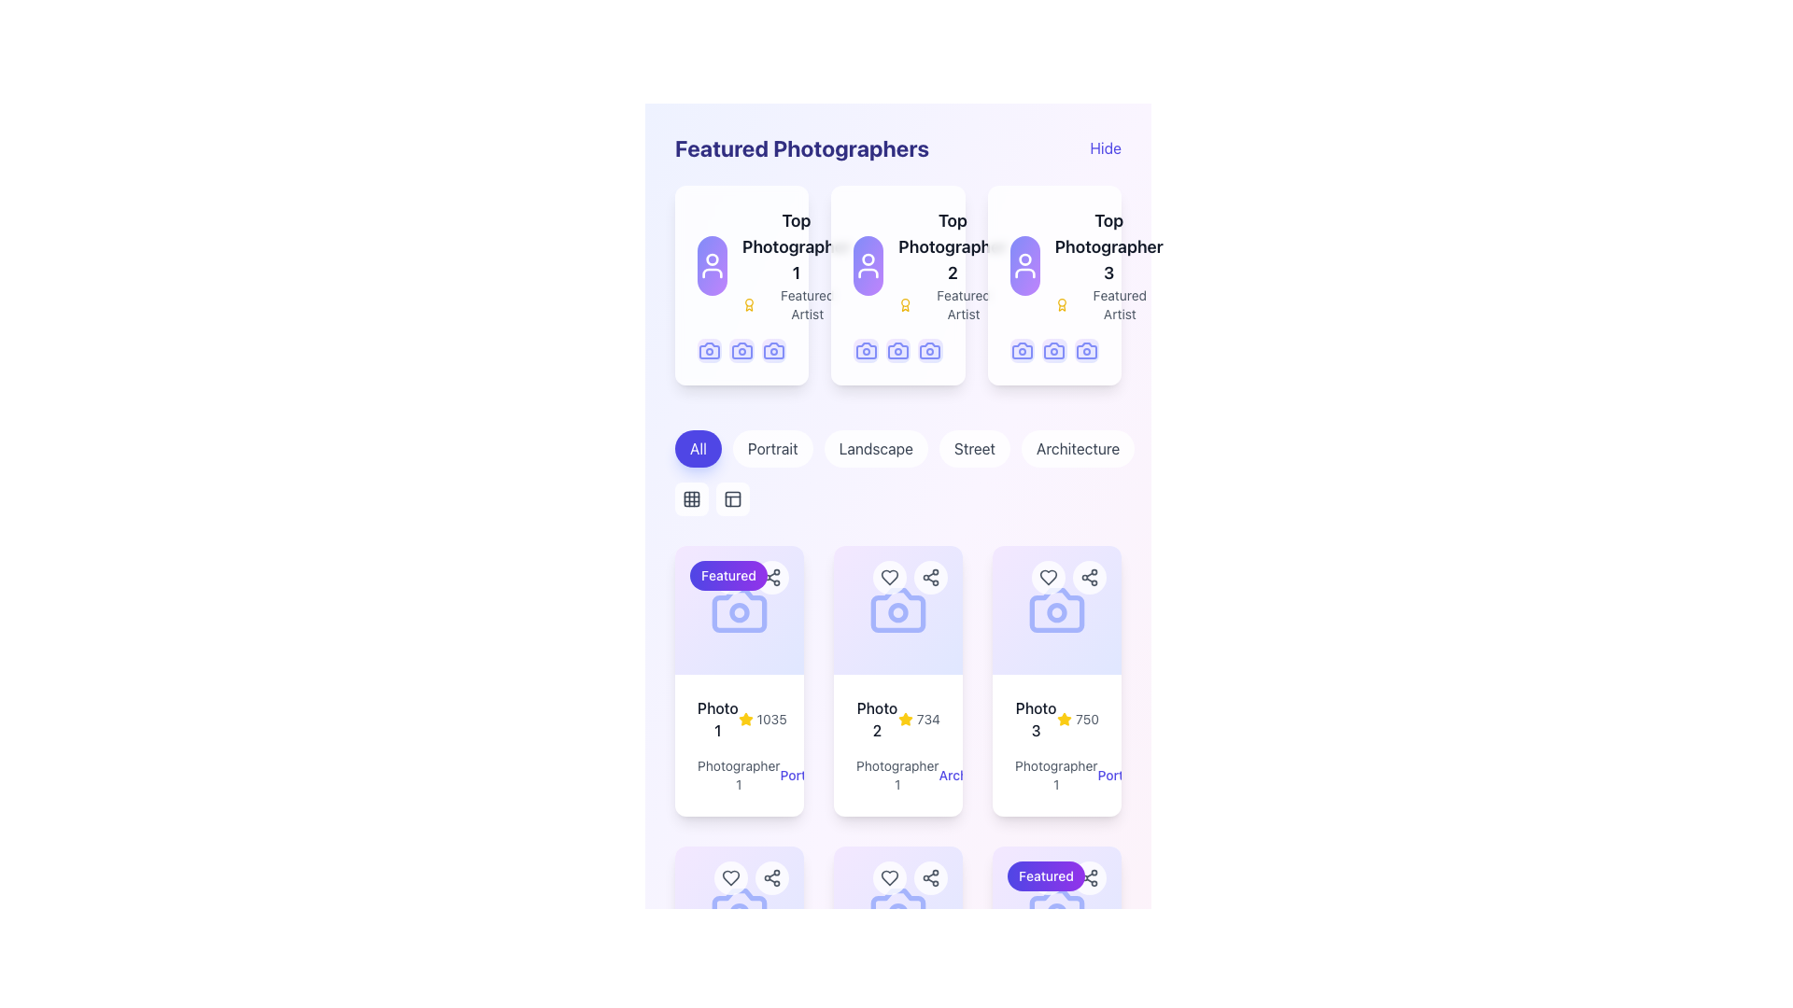 The width and height of the screenshot is (1793, 1008). I want to click on the 'Street' button, which is the fourth button in a horizontal group of five buttons, to filter content by street photography, so click(973, 449).